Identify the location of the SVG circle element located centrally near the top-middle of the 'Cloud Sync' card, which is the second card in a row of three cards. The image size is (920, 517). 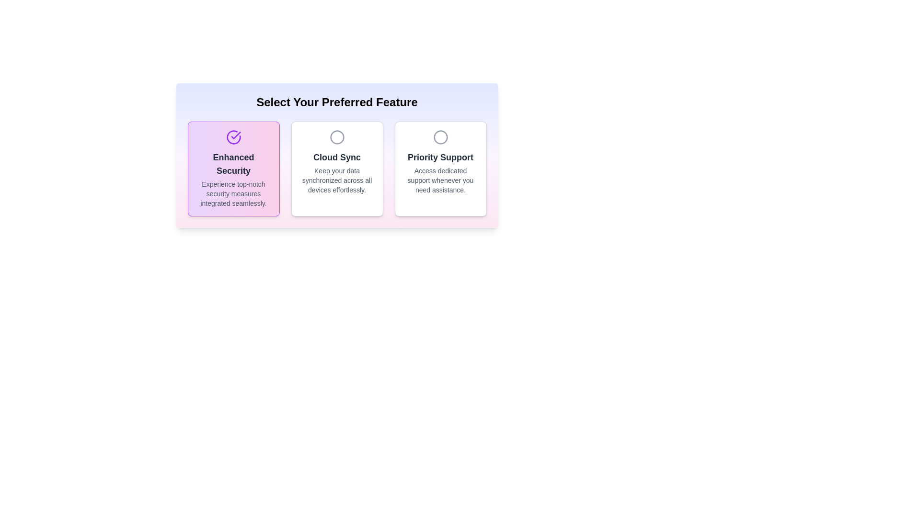
(337, 137).